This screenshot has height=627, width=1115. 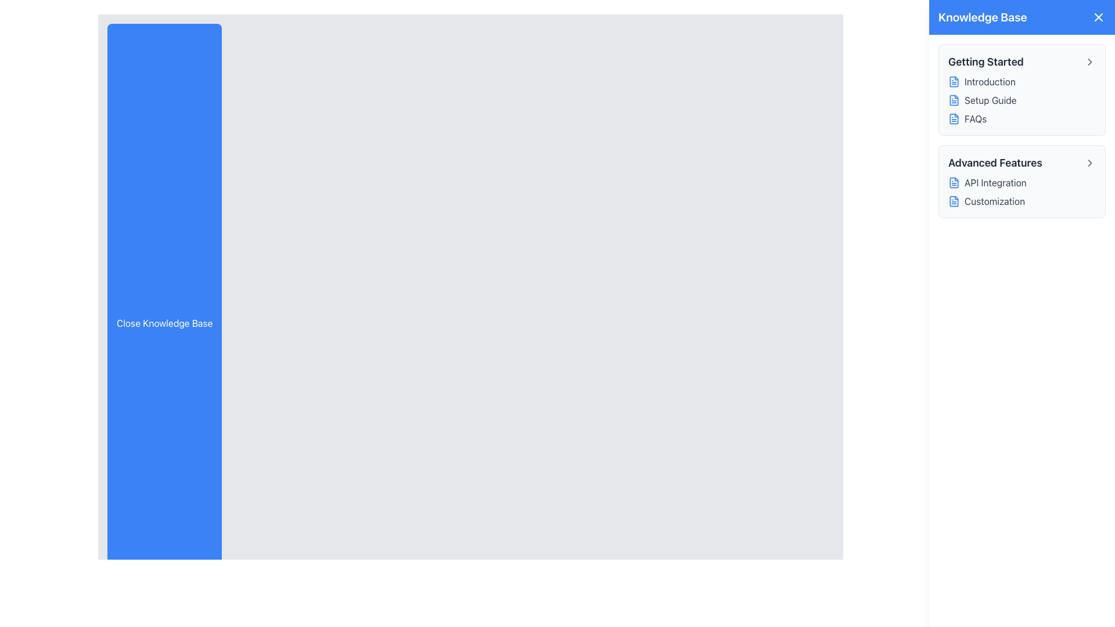 What do you see at coordinates (1022, 201) in the screenshot?
I see `the second menu item under the 'Advanced Features' section` at bounding box center [1022, 201].